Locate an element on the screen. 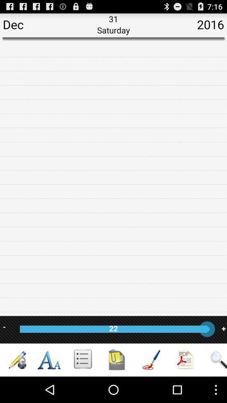 The height and width of the screenshot is (403, 227). the list icon is located at coordinates (83, 385).